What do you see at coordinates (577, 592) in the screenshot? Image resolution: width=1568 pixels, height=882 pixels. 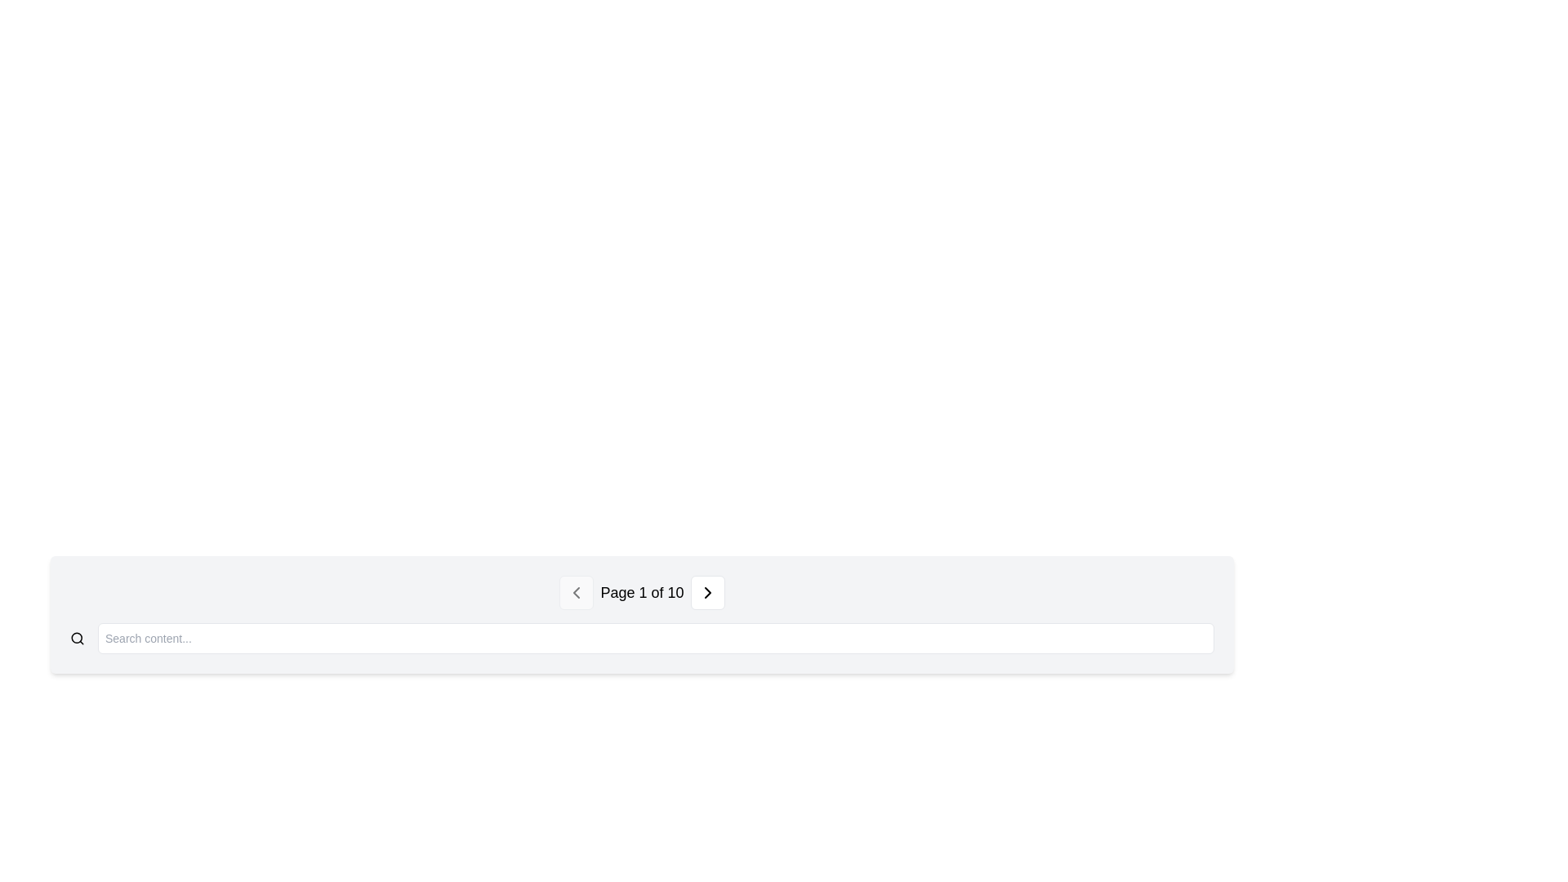 I see `the leftward-pointing chevron icon within the circular boundary located in the left navigation button of the page navigation controls` at bounding box center [577, 592].